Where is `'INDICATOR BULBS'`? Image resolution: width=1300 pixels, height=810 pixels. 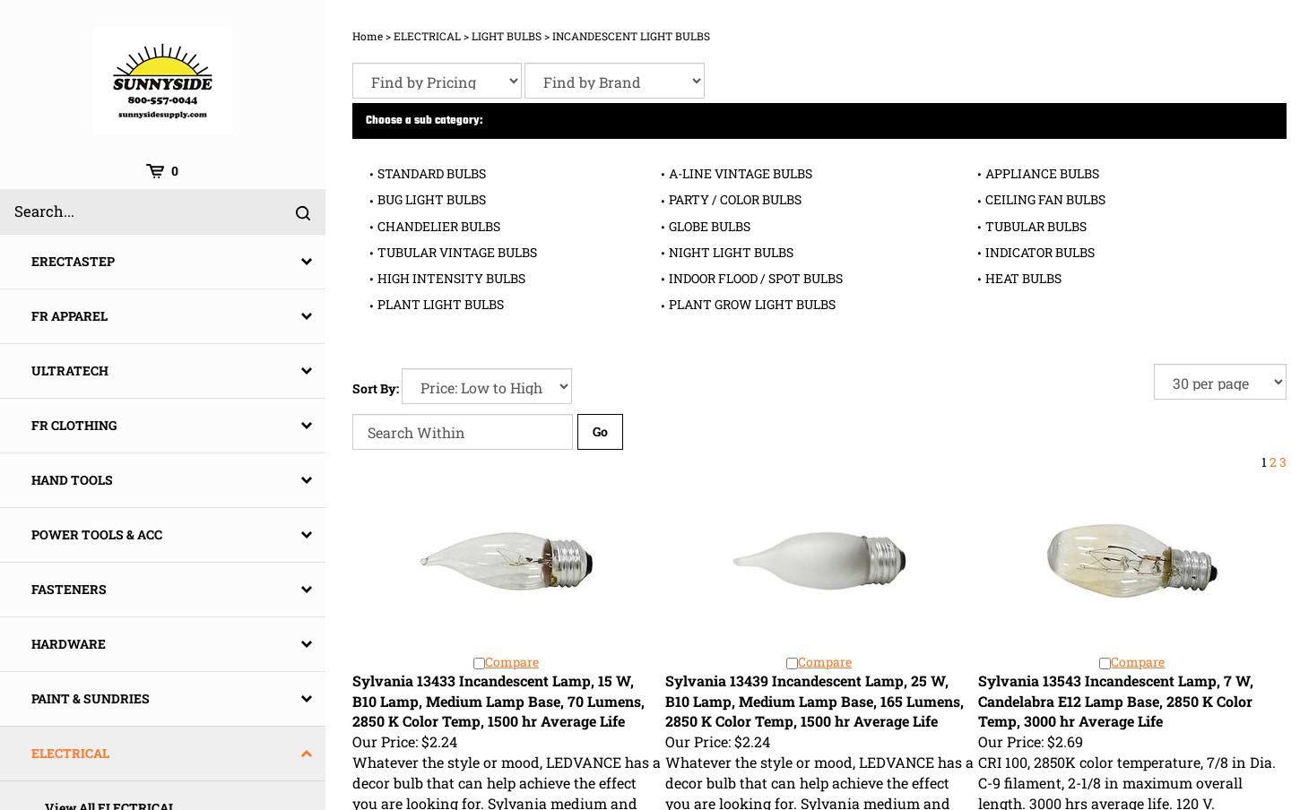
'INDICATOR BULBS' is located at coordinates (1037, 250).